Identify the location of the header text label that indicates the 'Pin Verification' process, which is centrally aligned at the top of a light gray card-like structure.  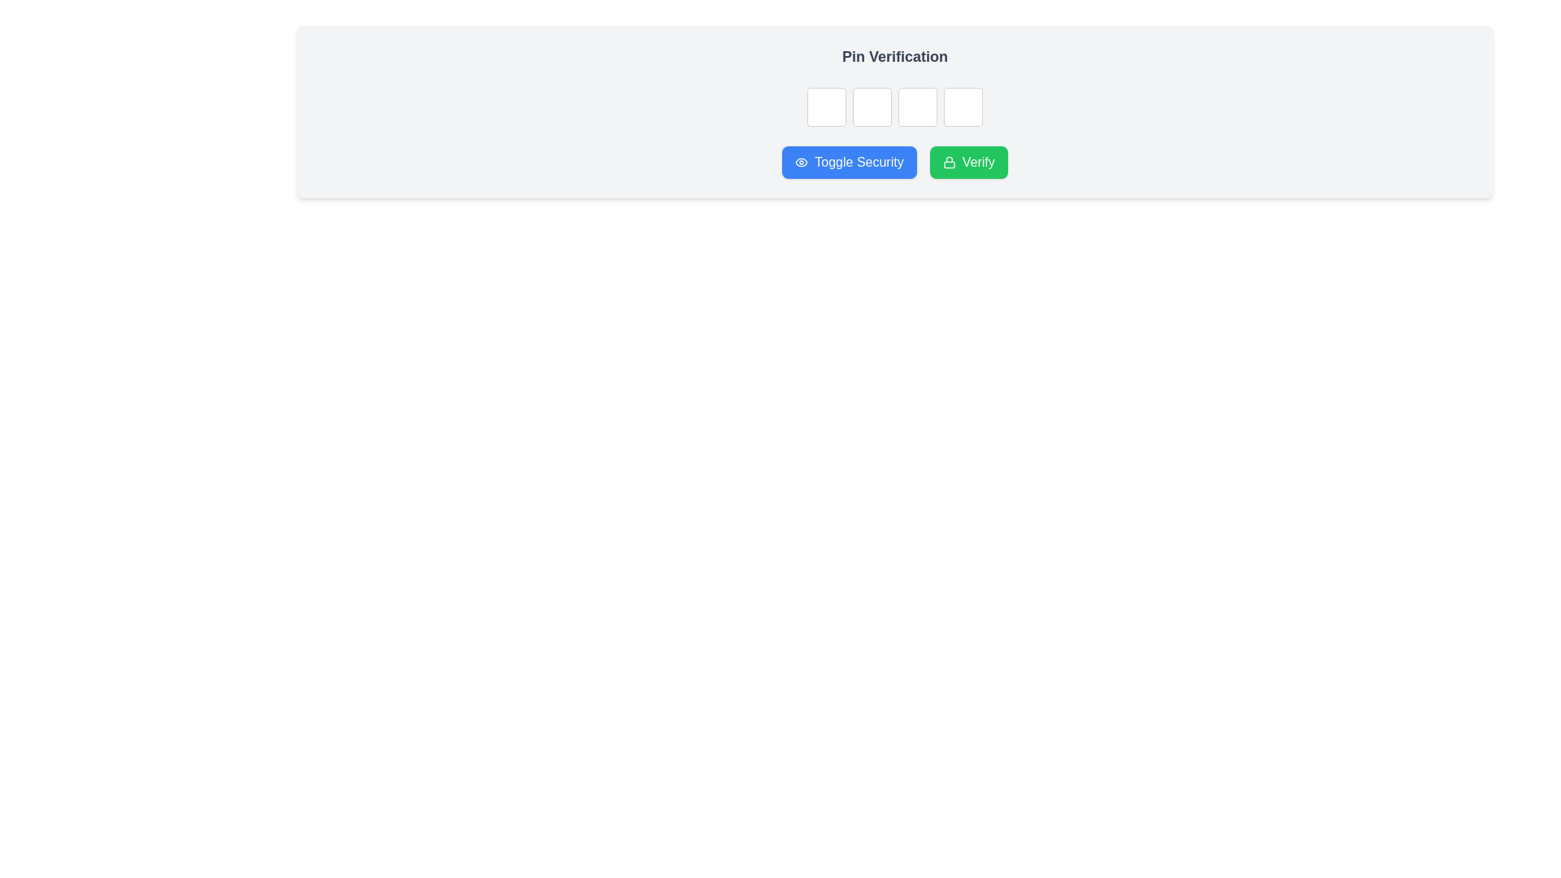
(894, 55).